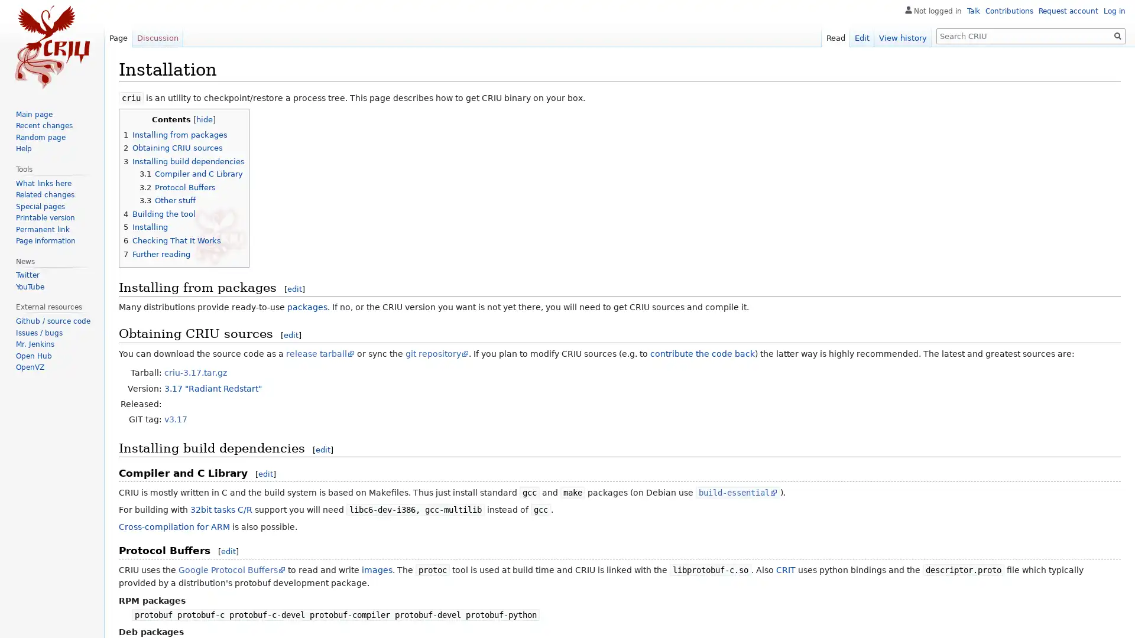  Describe the element at coordinates (1117, 35) in the screenshot. I see `Search` at that location.